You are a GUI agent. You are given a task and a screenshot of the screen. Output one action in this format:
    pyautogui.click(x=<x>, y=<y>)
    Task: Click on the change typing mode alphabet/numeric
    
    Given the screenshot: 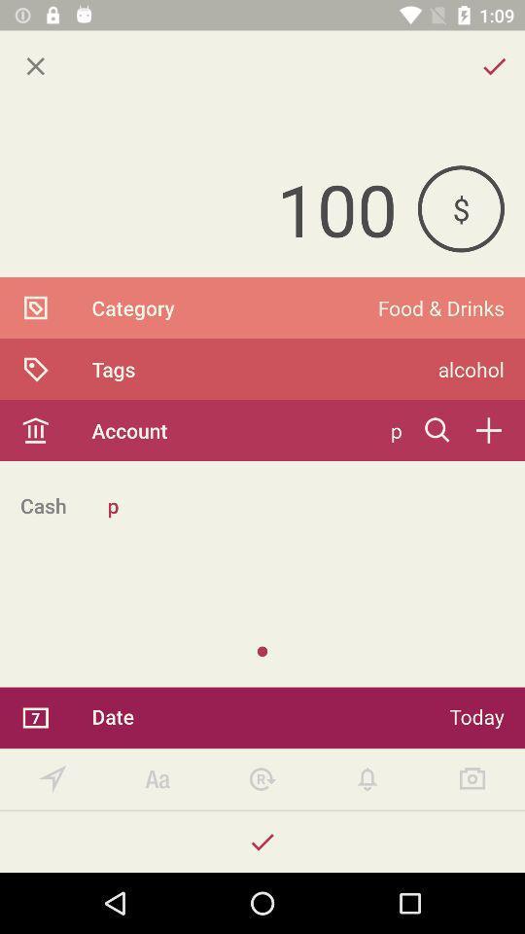 What is the action you would take?
    pyautogui.click(x=157, y=779)
    